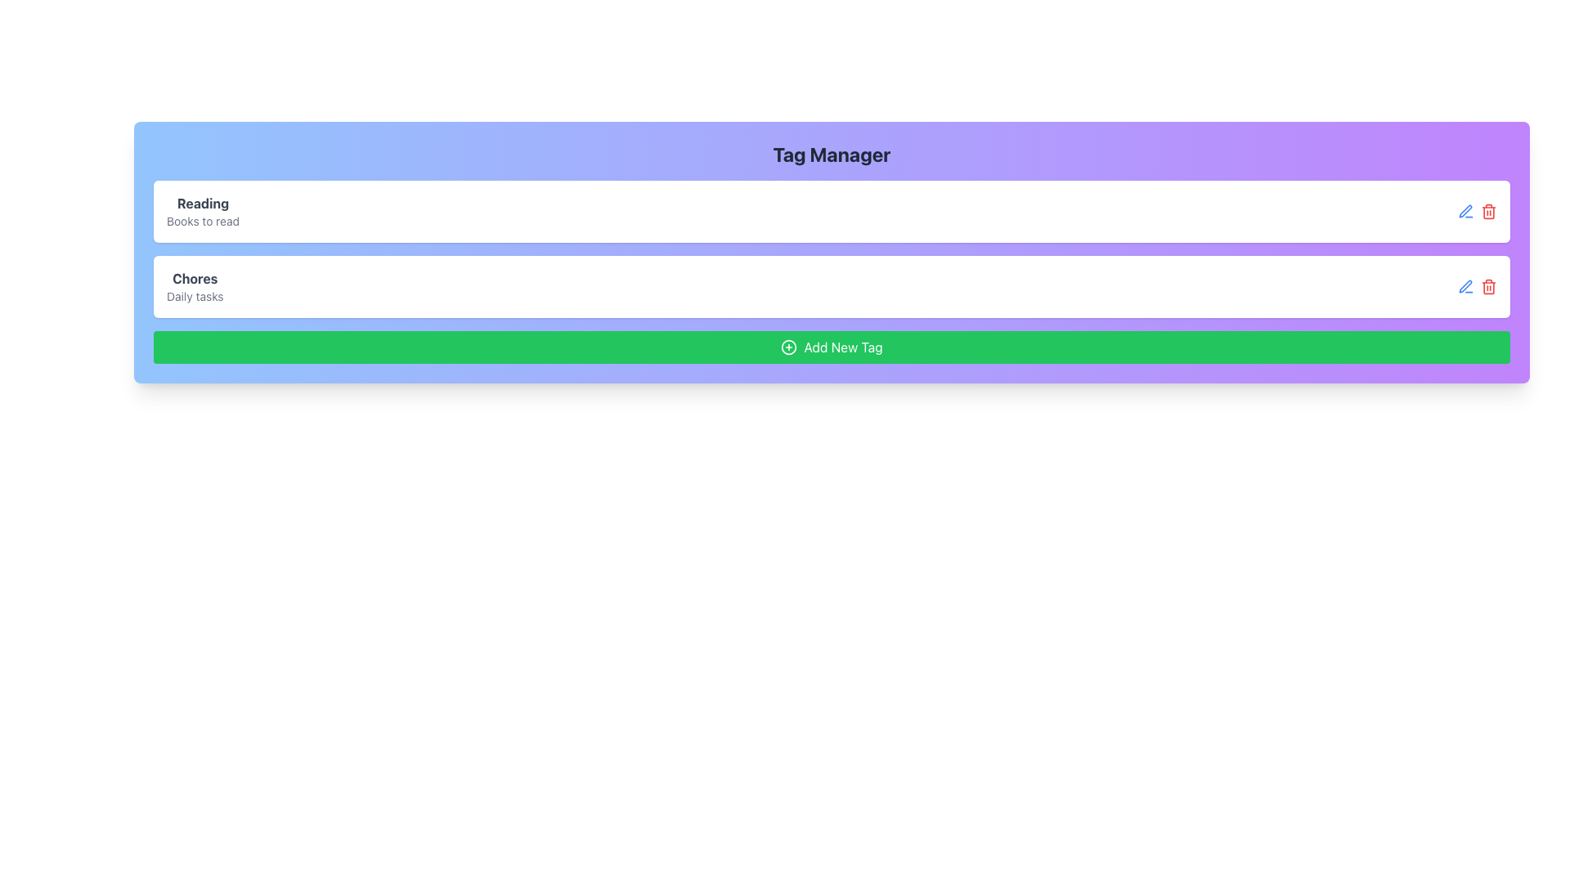  I want to click on the Trash Can Icon, so click(1488, 210).